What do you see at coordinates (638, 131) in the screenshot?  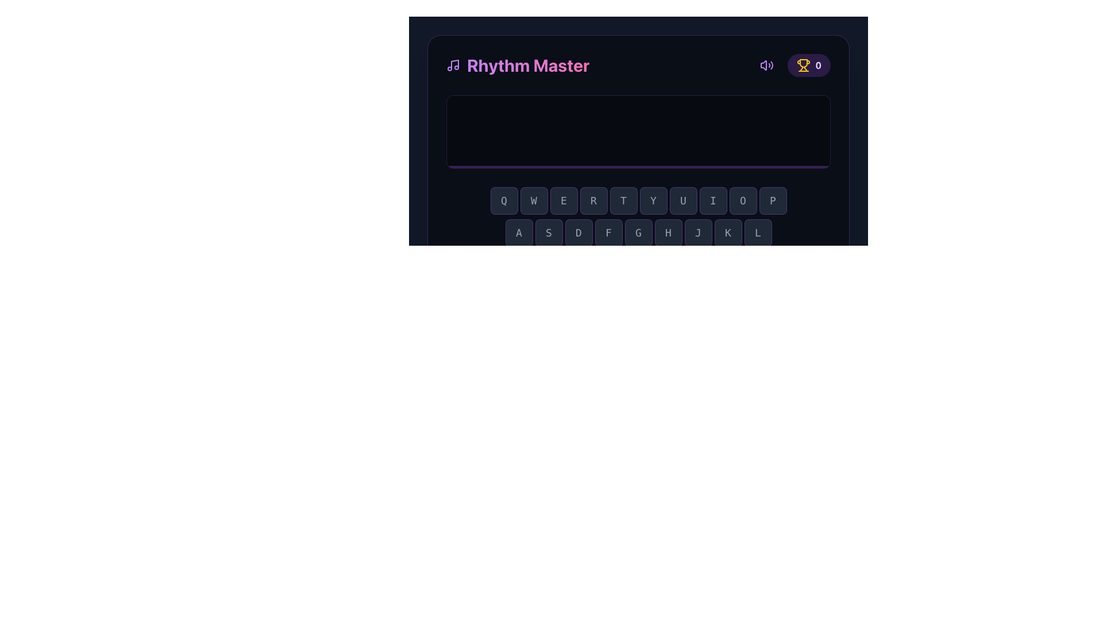 I see `the Decorative panel with a black background and purple border located within the 'Rhythm Master' module` at bounding box center [638, 131].